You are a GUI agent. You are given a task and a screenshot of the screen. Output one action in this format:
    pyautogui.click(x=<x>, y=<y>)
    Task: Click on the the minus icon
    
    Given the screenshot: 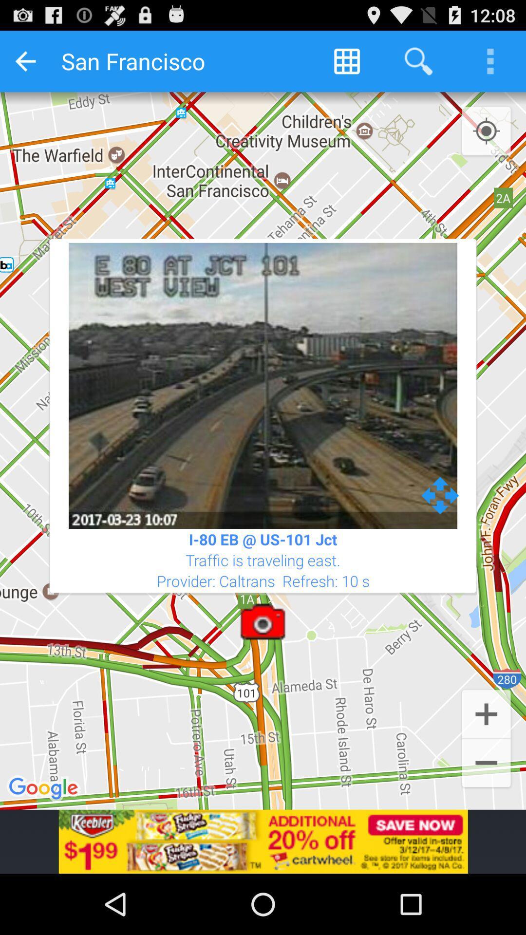 What is the action you would take?
    pyautogui.click(x=486, y=818)
    